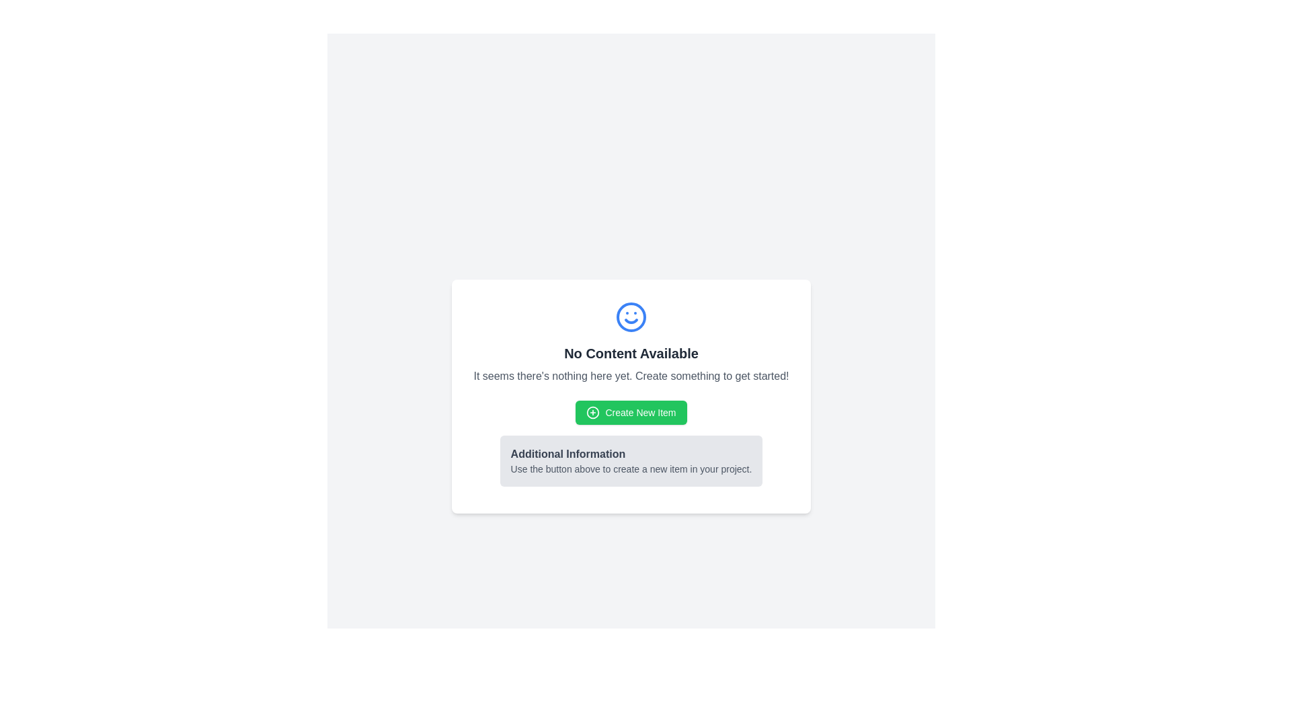 The width and height of the screenshot is (1291, 726). Describe the element at coordinates (631, 317) in the screenshot. I see `the blue circular icon with a smiling face, which is positioned above the 'No Content Available' text` at that location.